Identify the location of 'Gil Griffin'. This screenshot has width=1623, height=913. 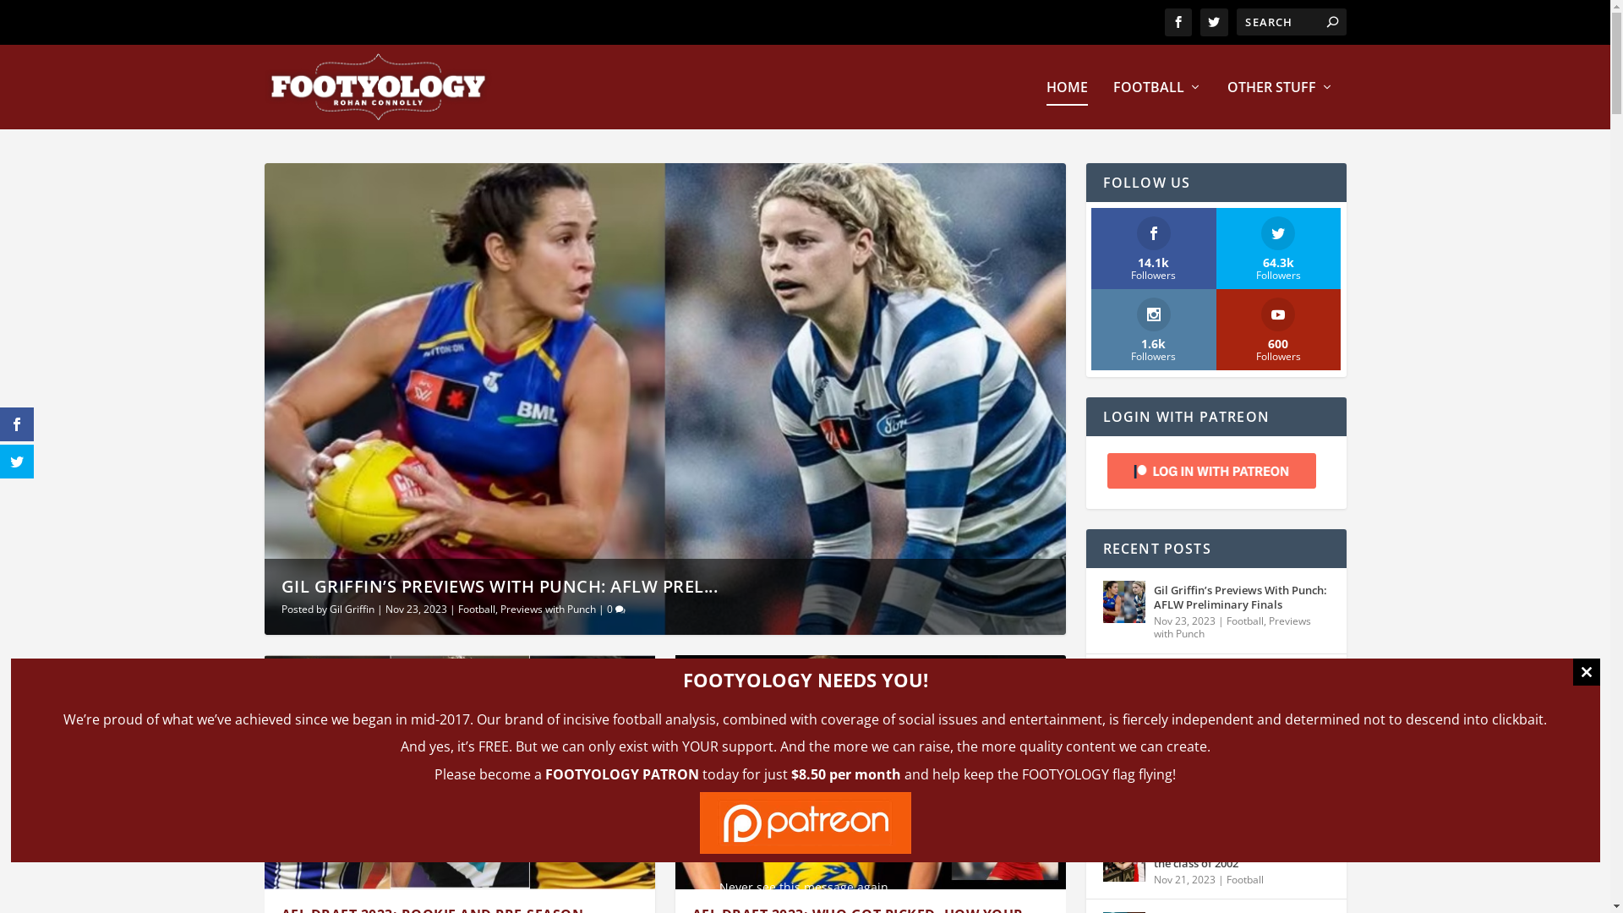
(351, 609).